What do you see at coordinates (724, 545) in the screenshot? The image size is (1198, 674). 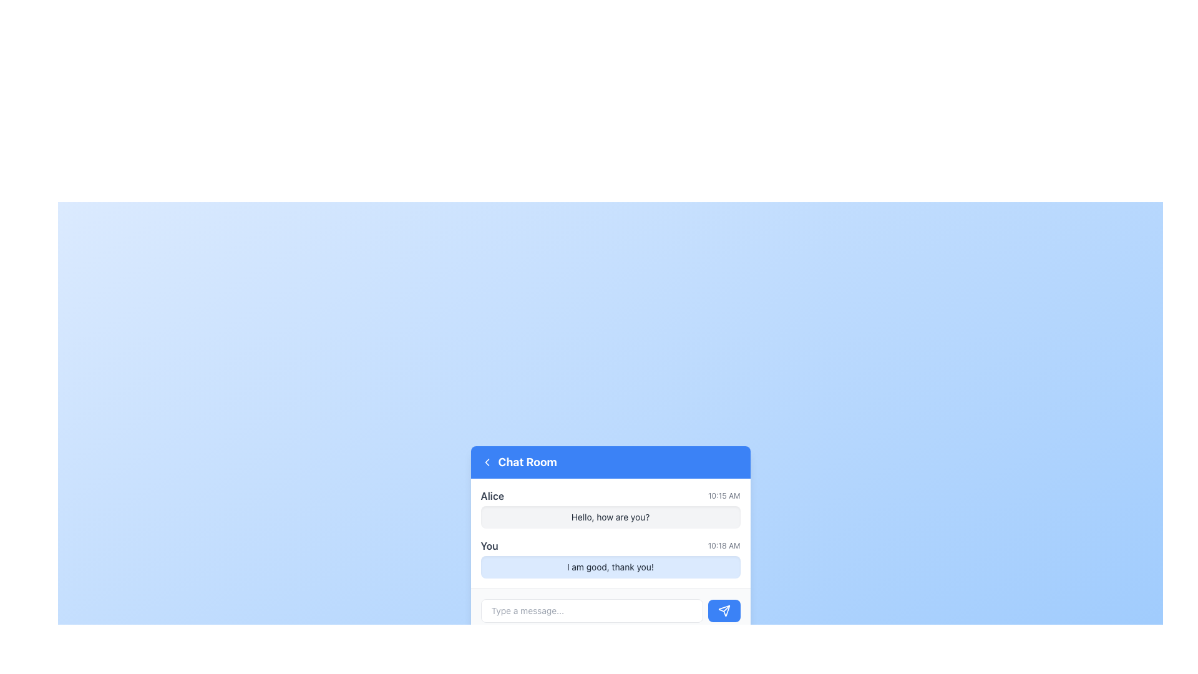 I see `time displayed in the small light-gray text snippet showing '10:18 AM', located on the far-right side of the message header, next to the text 'You'` at bounding box center [724, 545].